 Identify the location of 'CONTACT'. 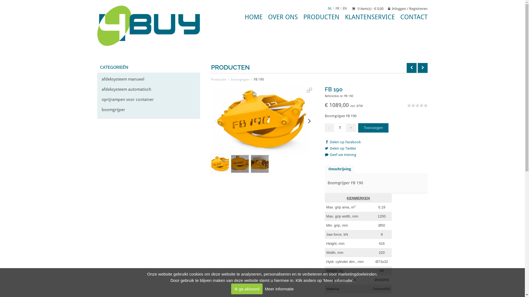
(414, 16).